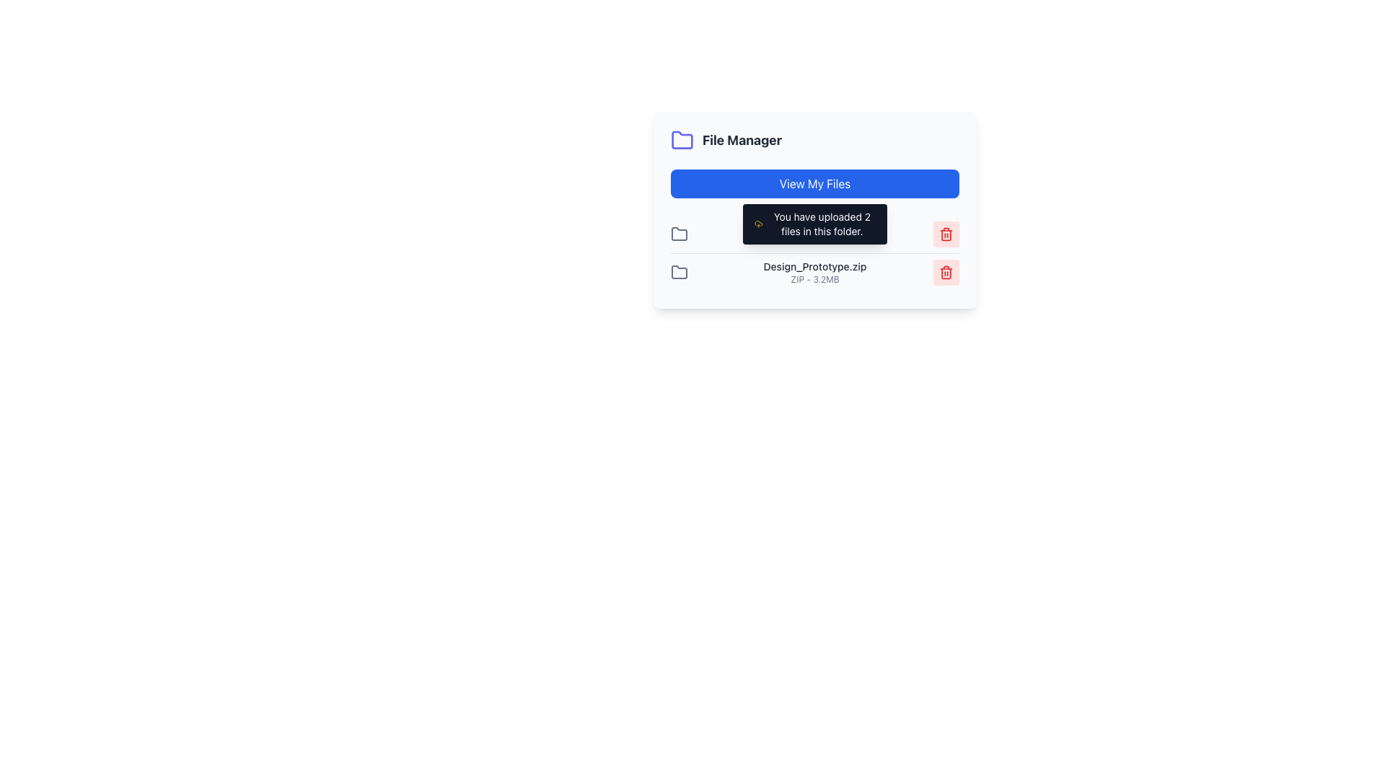 Image resolution: width=1385 pixels, height=779 pixels. What do you see at coordinates (681, 139) in the screenshot?
I see `the stylized folder icon located in the top-left area of the main content card, adjacent to the 'File Manager' text label` at bounding box center [681, 139].